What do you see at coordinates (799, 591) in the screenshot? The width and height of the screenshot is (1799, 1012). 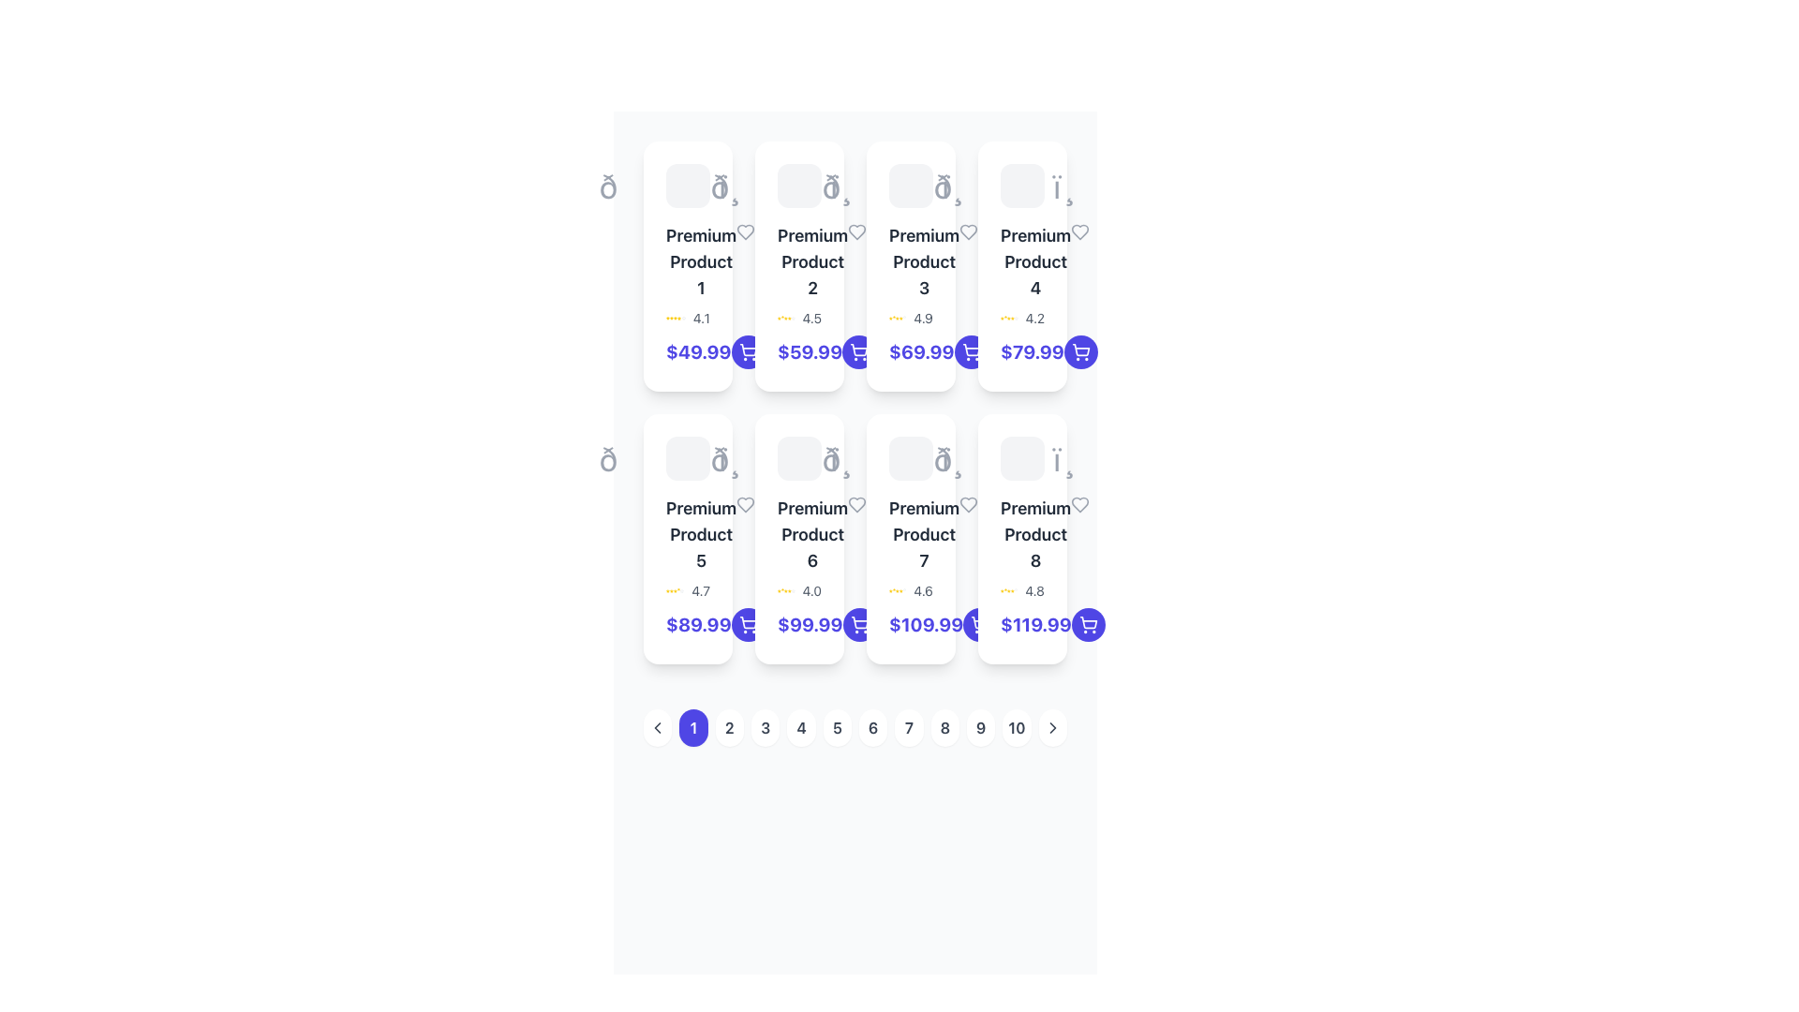 I see `the Rating display with numerical value and graphical stars located above the price information of the 'Premium Product 6' card in the second row and third column of the grid layout` at bounding box center [799, 591].